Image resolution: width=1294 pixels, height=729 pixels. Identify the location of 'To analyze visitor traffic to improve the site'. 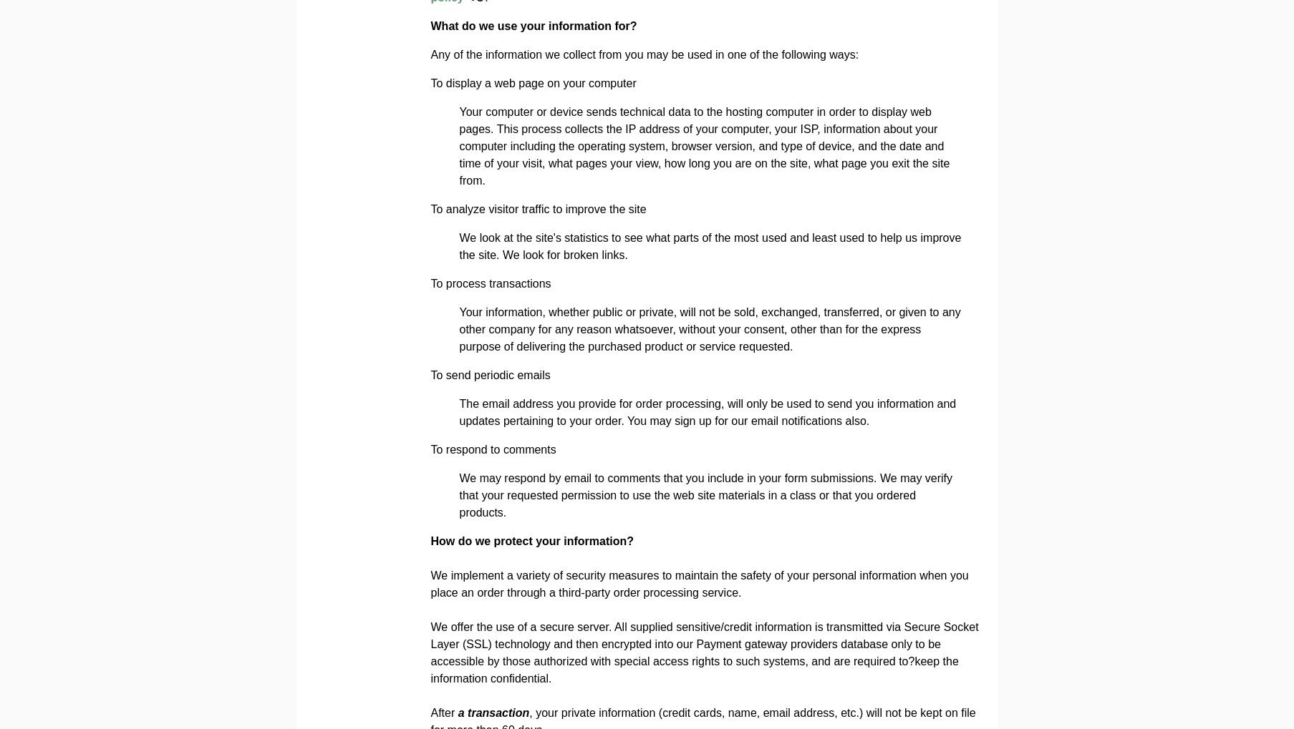
(538, 208).